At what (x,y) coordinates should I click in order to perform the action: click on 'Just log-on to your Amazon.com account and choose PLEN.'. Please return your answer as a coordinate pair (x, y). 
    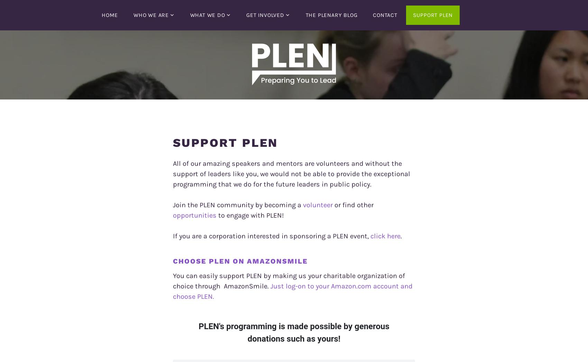
    Looking at the image, I should click on (173, 291).